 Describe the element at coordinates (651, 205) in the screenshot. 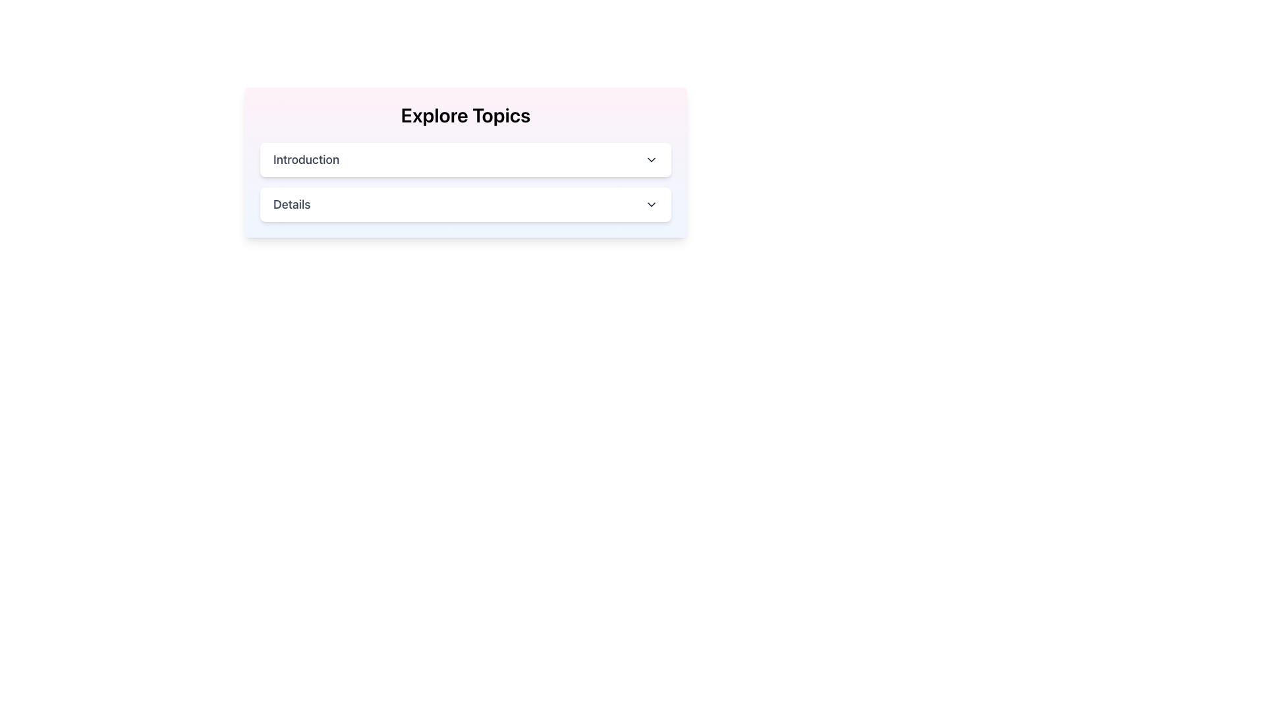

I see `the downward-facing chevron icon at the right end of the row labeled 'Details'` at that location.